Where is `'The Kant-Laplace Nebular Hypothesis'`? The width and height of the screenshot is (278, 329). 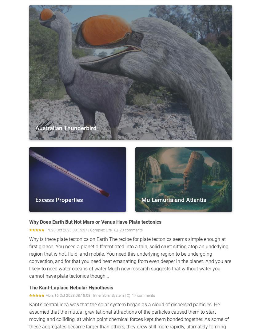 'The Kant-Laplace Nebular Hypothesis' is located at coordinates (29, 287).